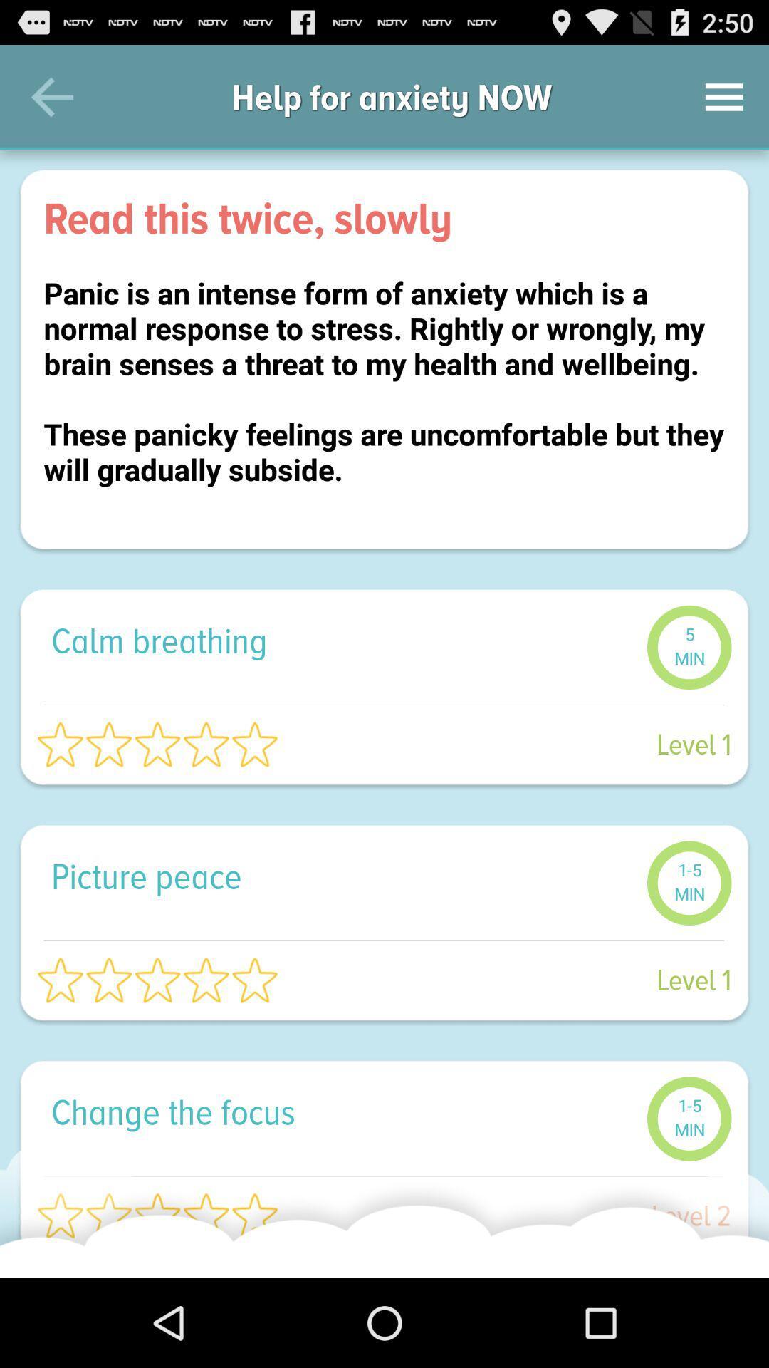 This screenshot has height=1368, width=769. What do you see at coordinates (513, 1215) in the screenshot?
I see `the level 2` at bounding box center [513, 1215].